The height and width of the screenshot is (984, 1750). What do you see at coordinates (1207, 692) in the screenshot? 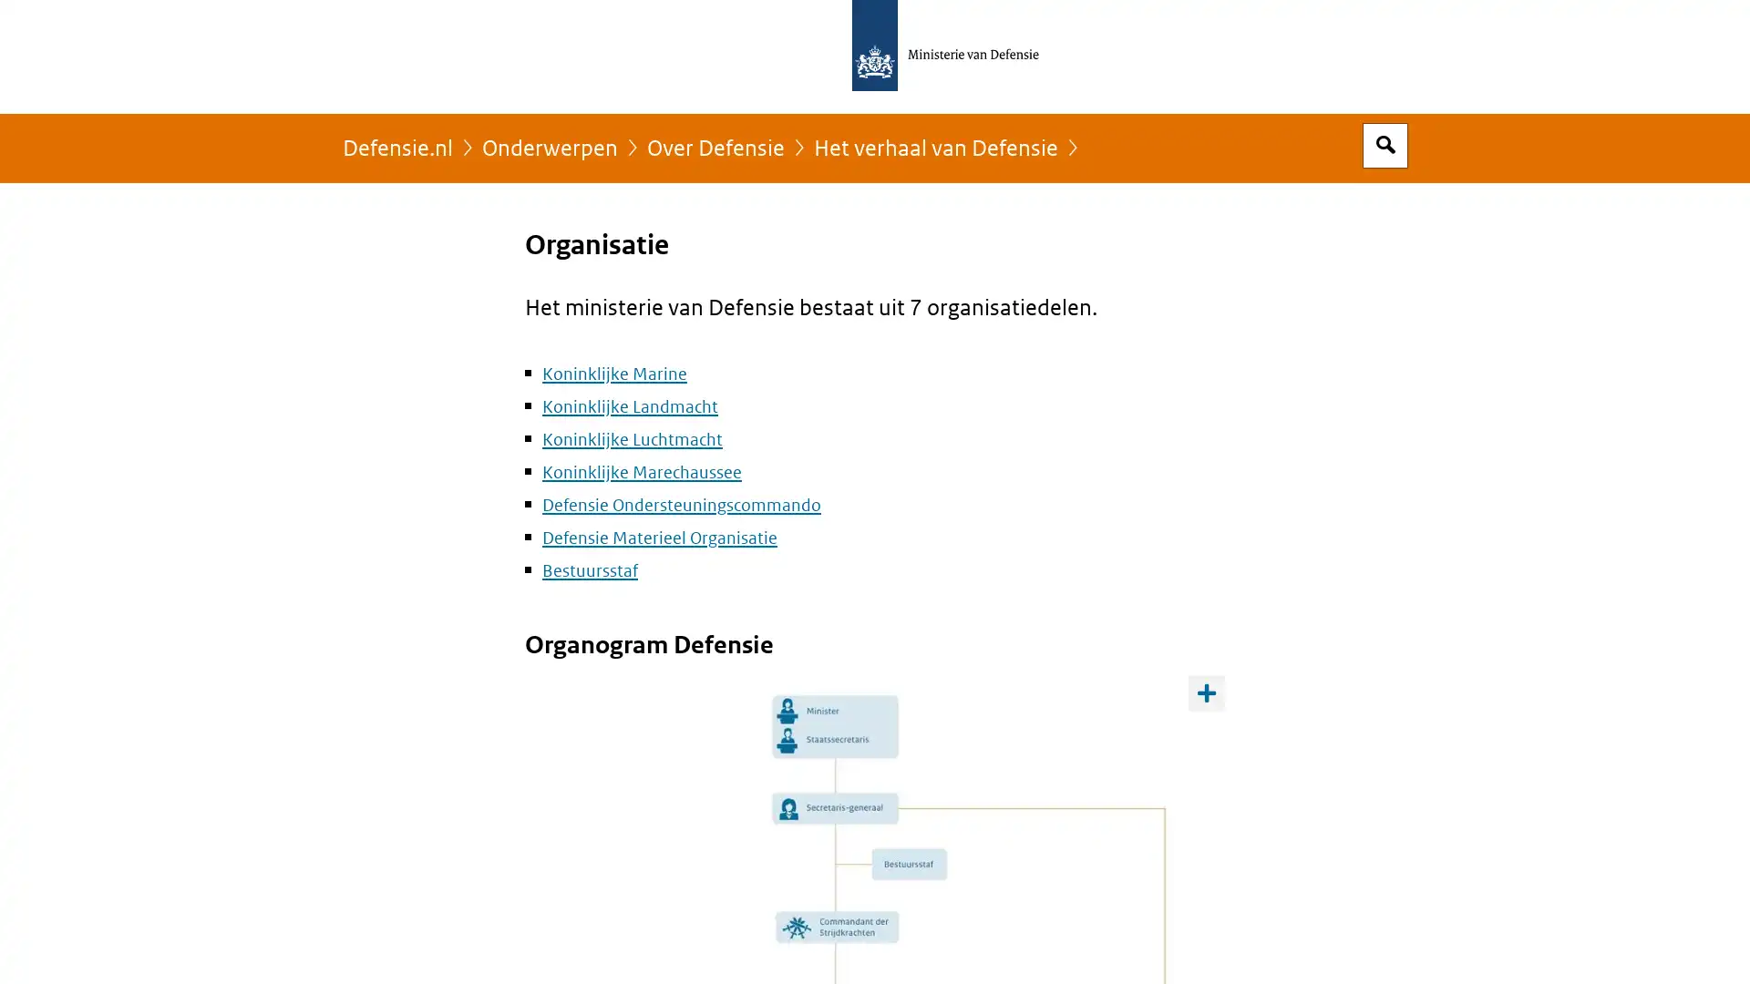
I see `Toon opties` at bounding box center [1207, 692].